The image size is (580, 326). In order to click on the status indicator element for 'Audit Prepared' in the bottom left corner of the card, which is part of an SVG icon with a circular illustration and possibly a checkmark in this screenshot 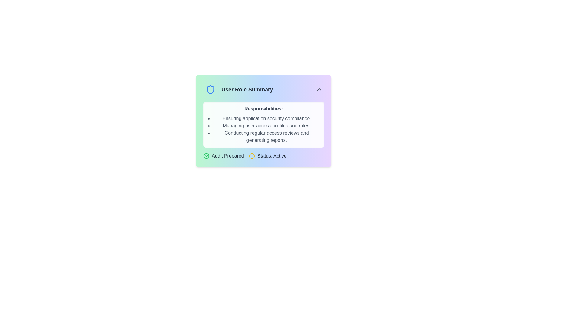, I will do `click(206, 155)`.